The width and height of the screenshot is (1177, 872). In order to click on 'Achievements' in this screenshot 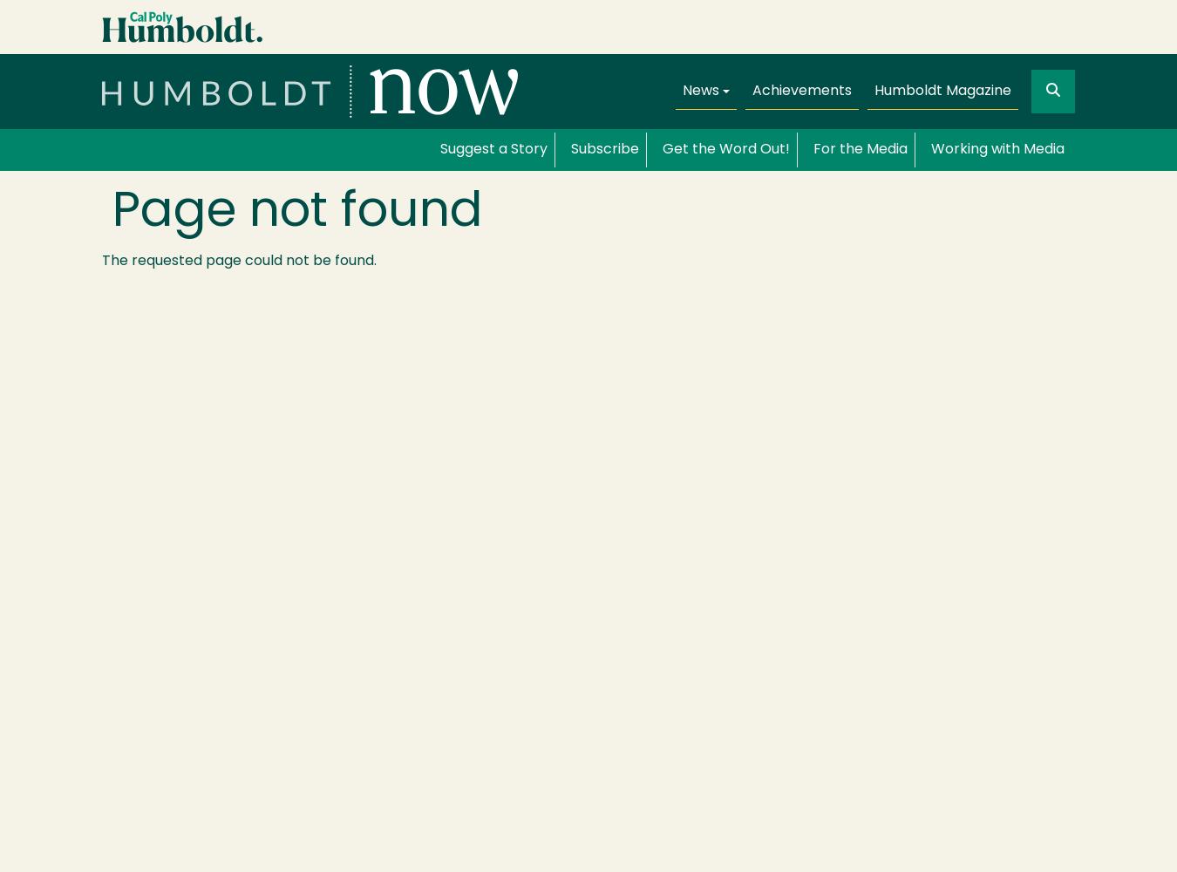, I will do `click(801, 90)`.